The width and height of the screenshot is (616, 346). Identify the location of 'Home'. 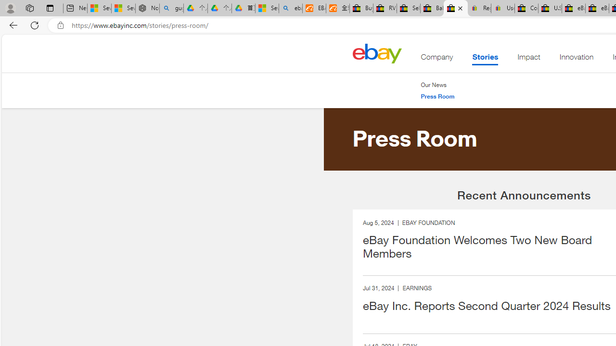
(376, 53).